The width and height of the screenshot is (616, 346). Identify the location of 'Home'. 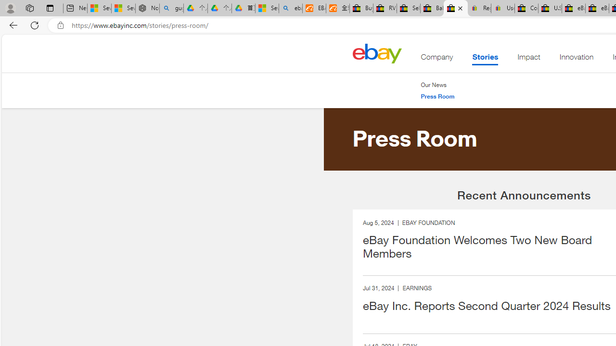
(376, 53).